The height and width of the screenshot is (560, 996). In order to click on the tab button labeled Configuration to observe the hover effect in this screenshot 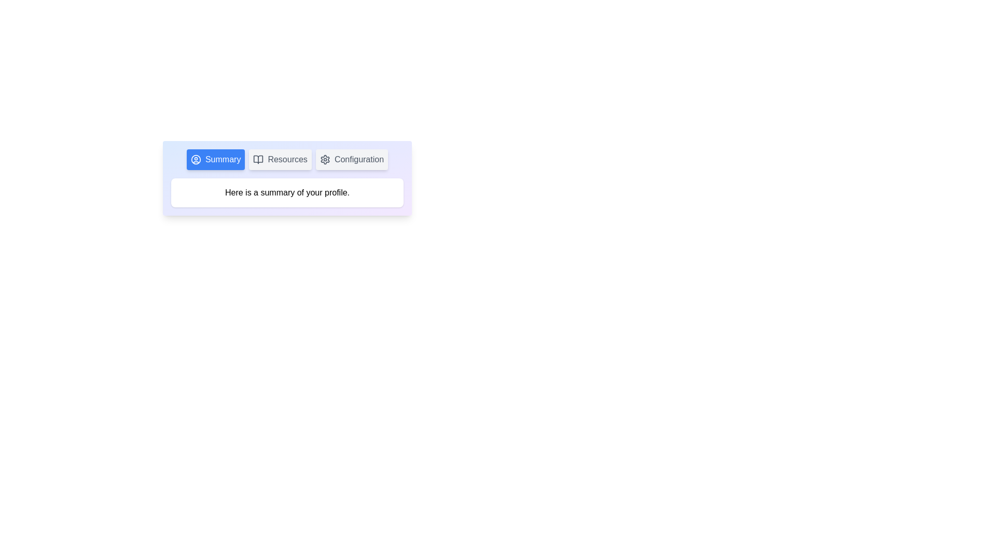, I will do `click(352, 160)`.